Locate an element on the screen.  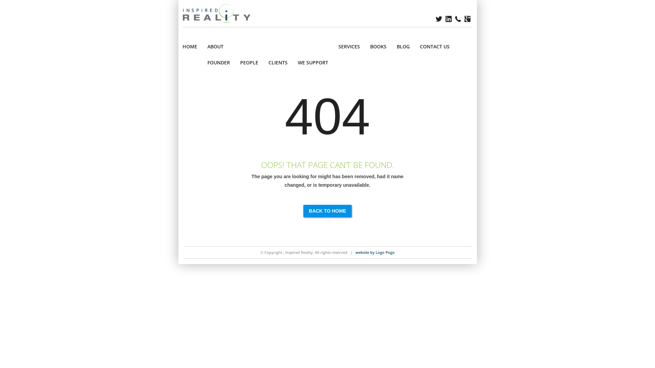
'SERVICES' is located at coordinates (349, 46).